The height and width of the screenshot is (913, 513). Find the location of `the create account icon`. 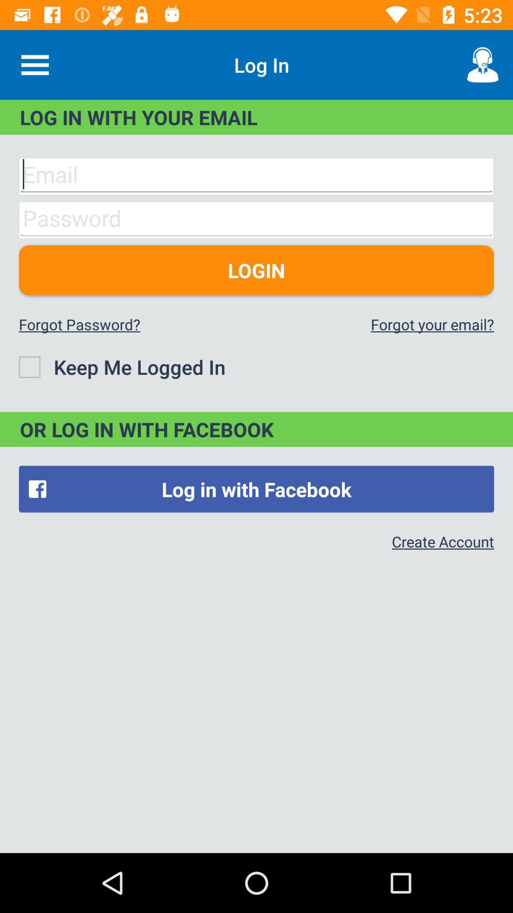

the create account icon is located at coordinates (443, 541).